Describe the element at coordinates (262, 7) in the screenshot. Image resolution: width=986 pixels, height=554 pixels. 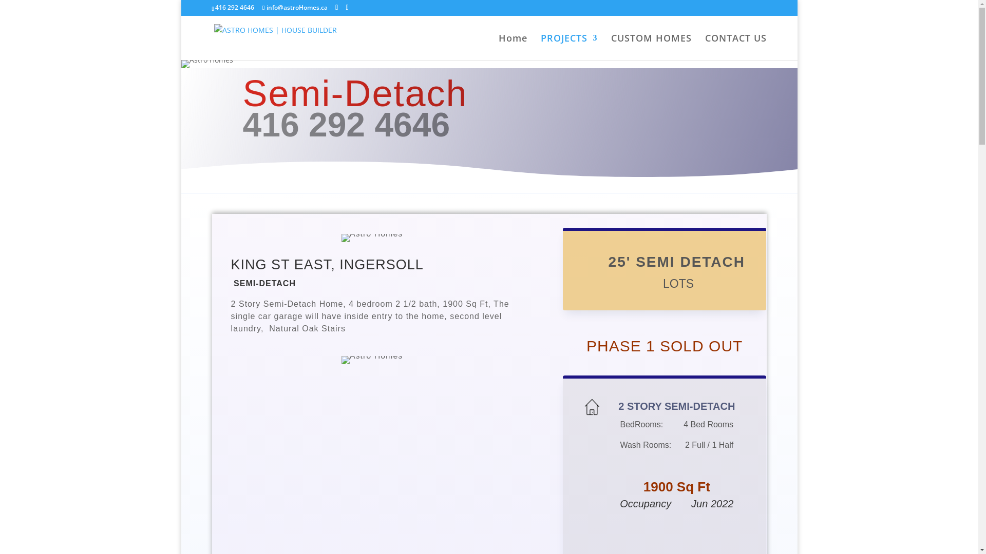
I see `'info@astroHomes.ca'` at that location.